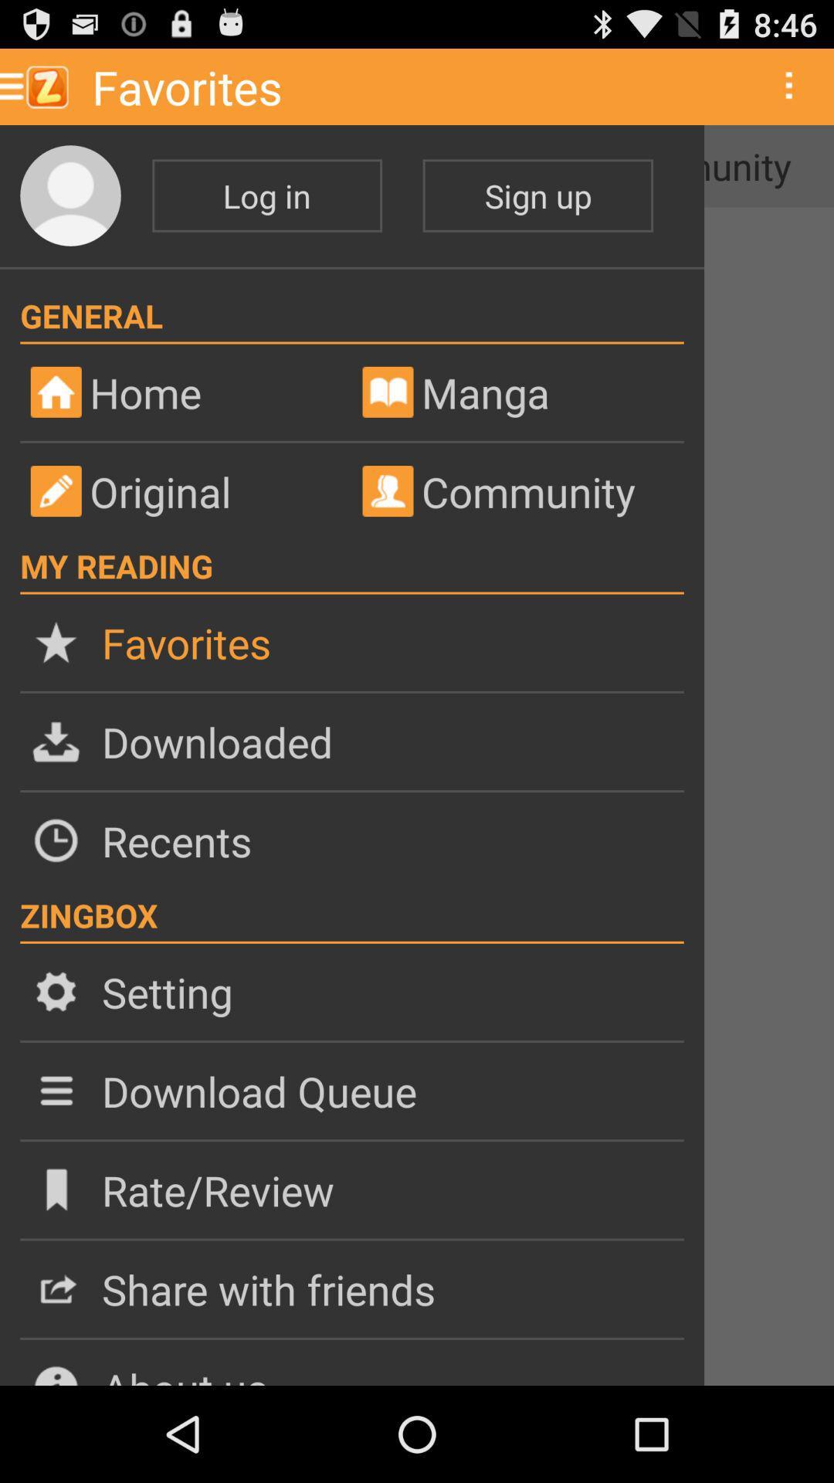  I want to click on the text below general, so click(195, 392).